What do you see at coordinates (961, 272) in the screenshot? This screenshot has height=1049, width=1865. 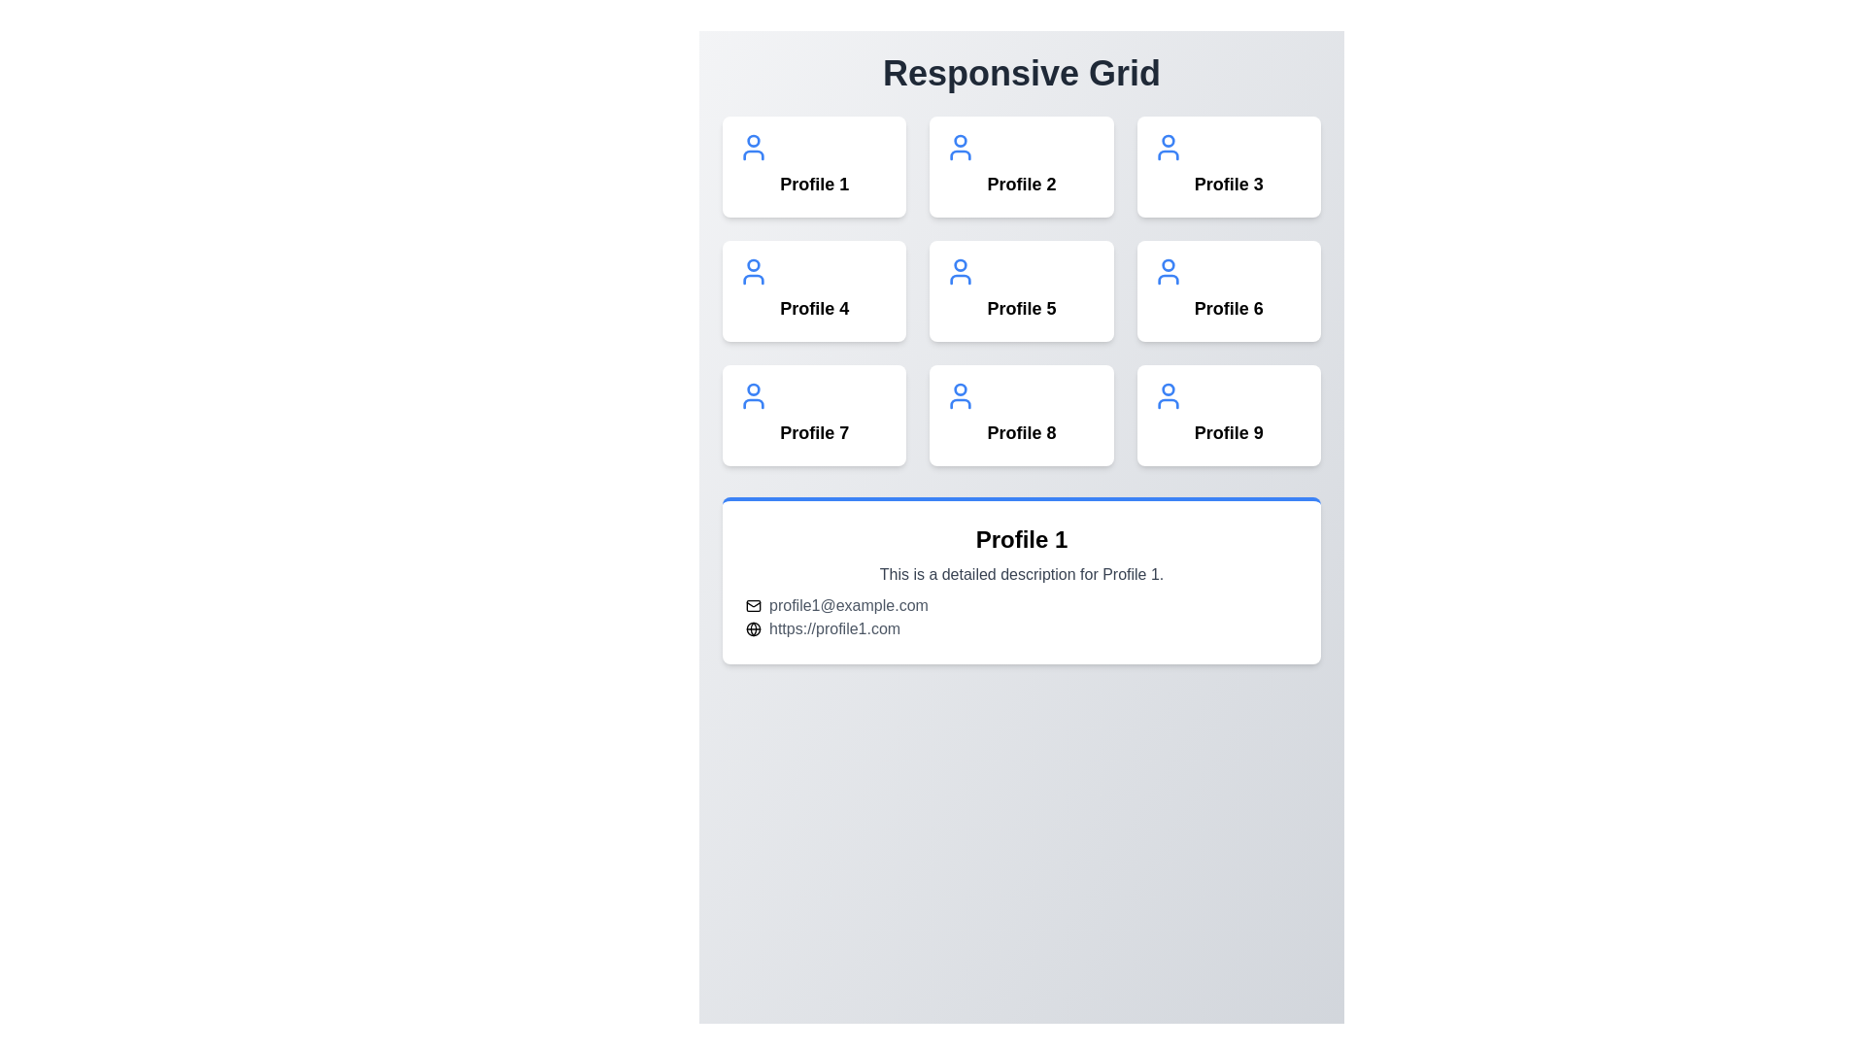 I see `the user icon with a blue outline located at the top center of the 'Profile 5' card, positioned in the second row and second column of the grid layout` at bounding box center [961, 272].